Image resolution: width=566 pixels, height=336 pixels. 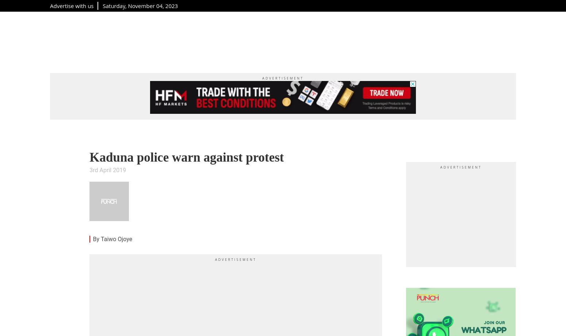 What do you see at coordinates (246, 171) in the screenshot?
I see `'theeditor@punchng.com'` at bounding box center [246, 171].